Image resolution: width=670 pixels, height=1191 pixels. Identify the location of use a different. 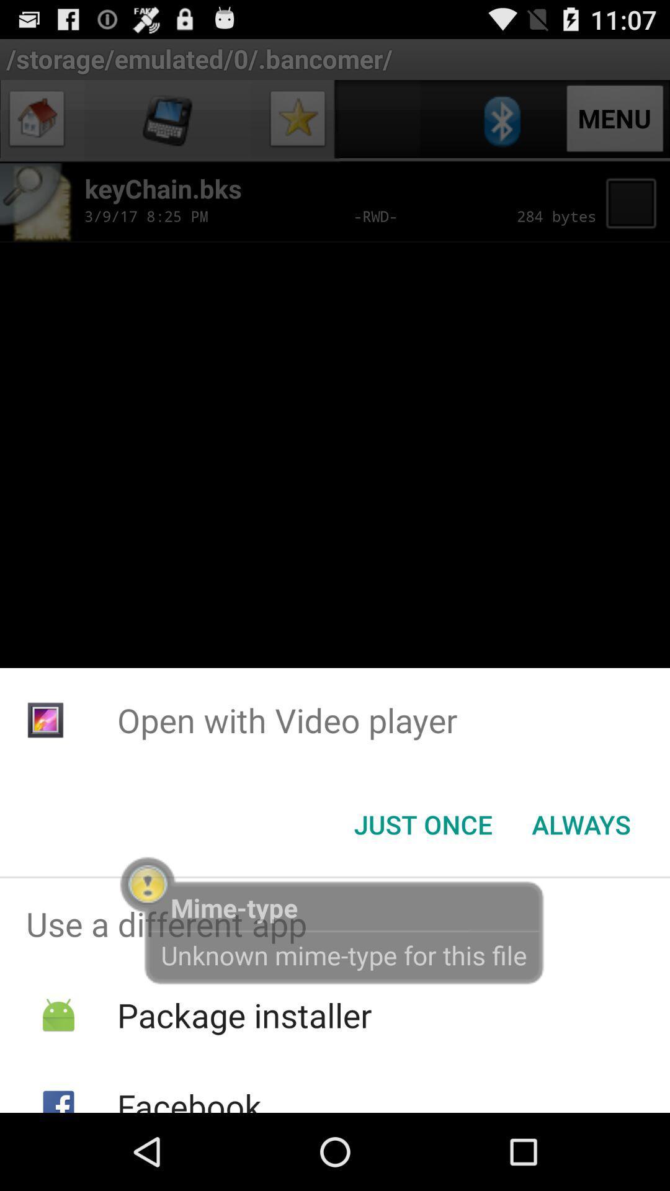
(335, 924).